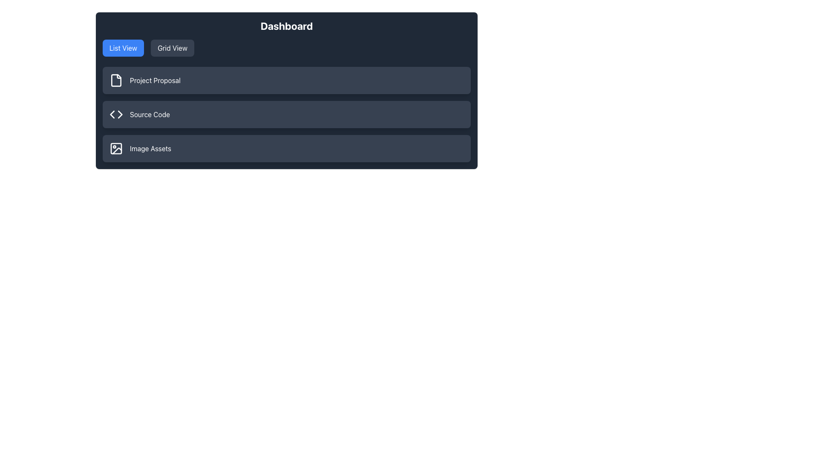 This screenshot has width=818, height=460. Describe the element at coordinates (172, 48) in the screenshot. I see `the grid view button, the second button in a group of two located near the top of the interface to the right of the 'List View' button` at that location.